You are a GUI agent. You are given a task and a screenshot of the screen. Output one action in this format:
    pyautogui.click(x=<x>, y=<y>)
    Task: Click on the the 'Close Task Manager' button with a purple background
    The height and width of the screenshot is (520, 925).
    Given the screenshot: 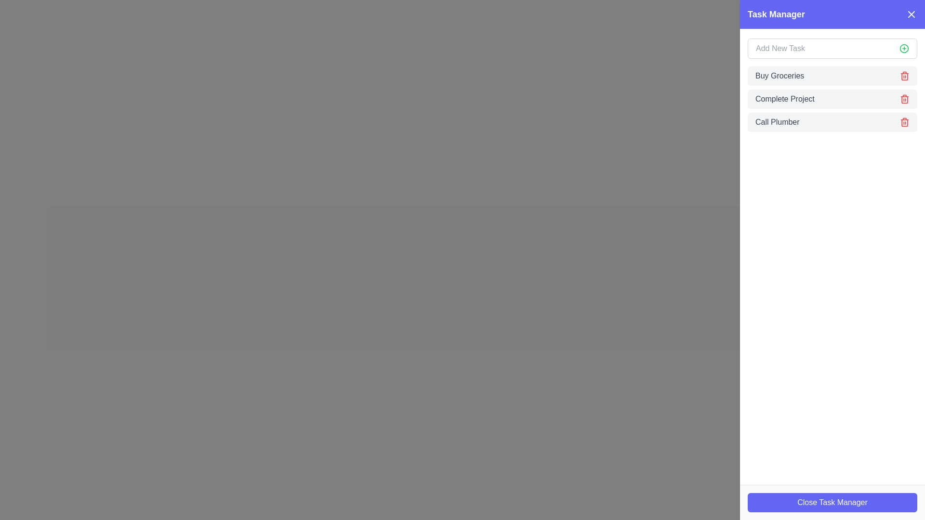 What is the action you would take?
    pyautogui.click(x=832, y=502)
    